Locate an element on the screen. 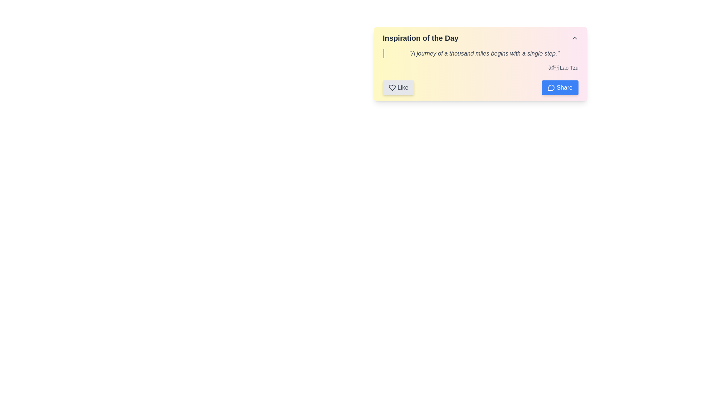  the speech bubble icon within the 'Share' button located at the bottom-right corner of the card element is located at coordinates (551, 87).